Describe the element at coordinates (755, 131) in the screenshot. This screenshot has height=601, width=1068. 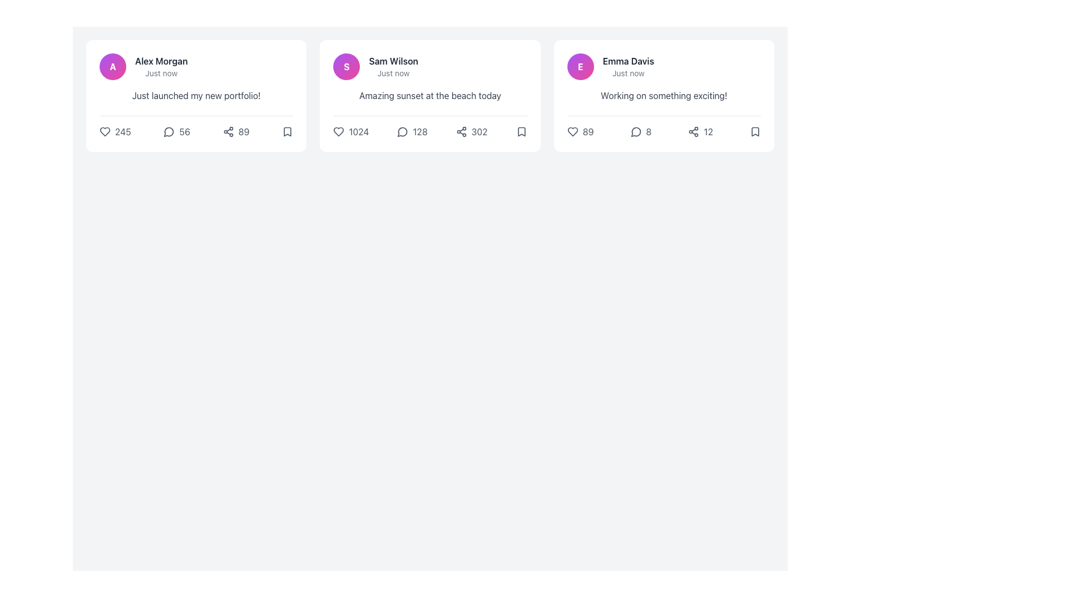
I see `the bookmark icon located in the bottom-right corner of the post by Emma Davis` at that location.